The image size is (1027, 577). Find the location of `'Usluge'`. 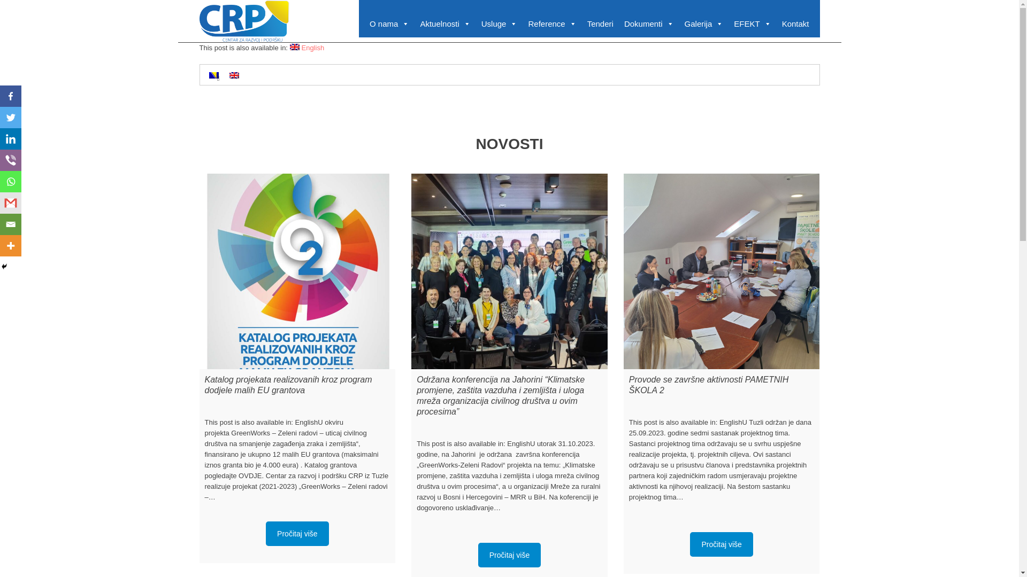

'Usluge' is located at coordinates (499, 24).